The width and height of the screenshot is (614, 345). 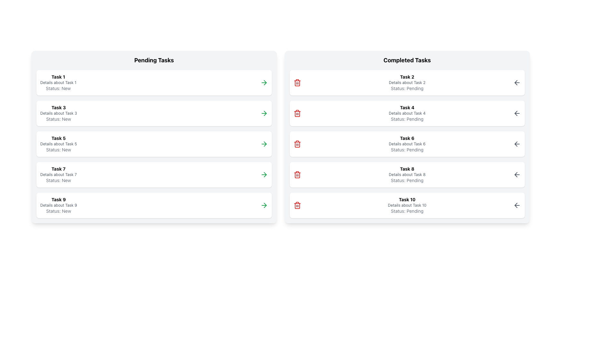 What do you see at coordinates (264, 144) in the screenshot?
I see `the green arrow icon at the far right of 'Task 5' in the 'Pending Tasks' list` at bounding box center [264, 144].